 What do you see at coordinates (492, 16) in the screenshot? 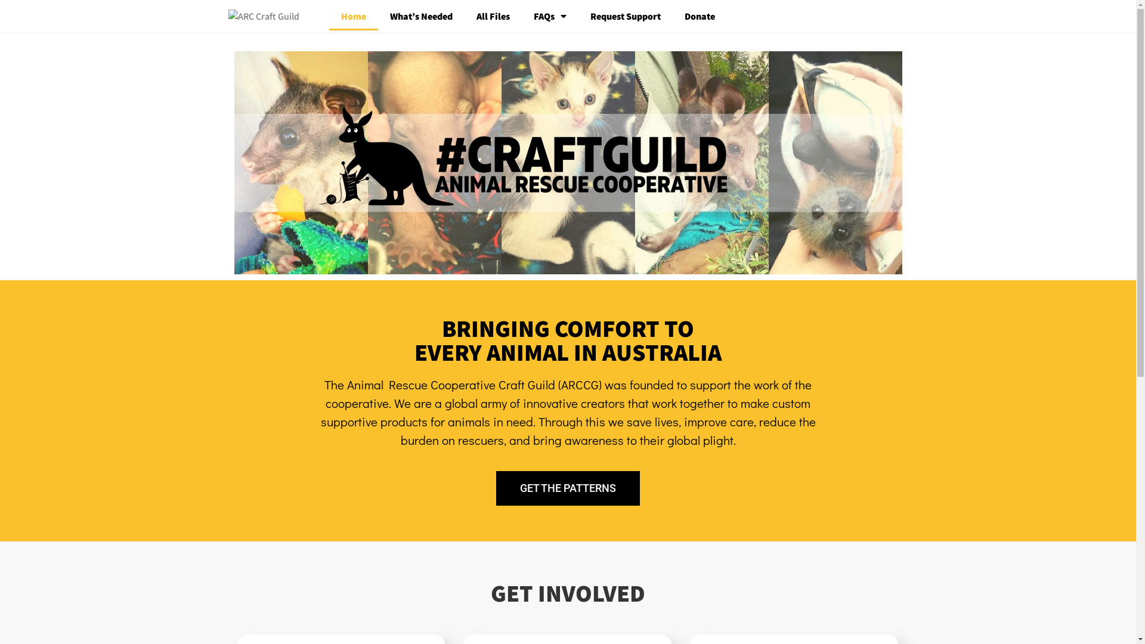
I see `'All Files'` at bounding box center [492, 16].